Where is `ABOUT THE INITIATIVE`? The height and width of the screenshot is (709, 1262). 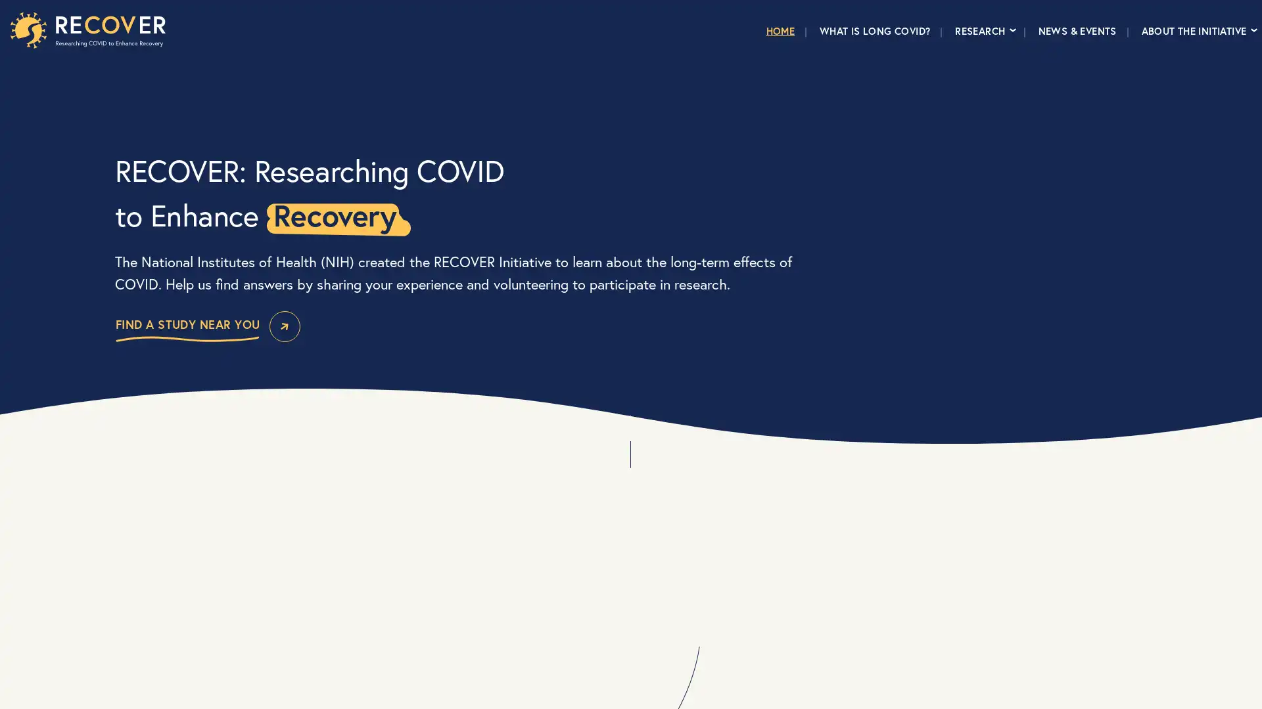
ABOUT THE INITIATIVE is located at coordinates (1188, 30).